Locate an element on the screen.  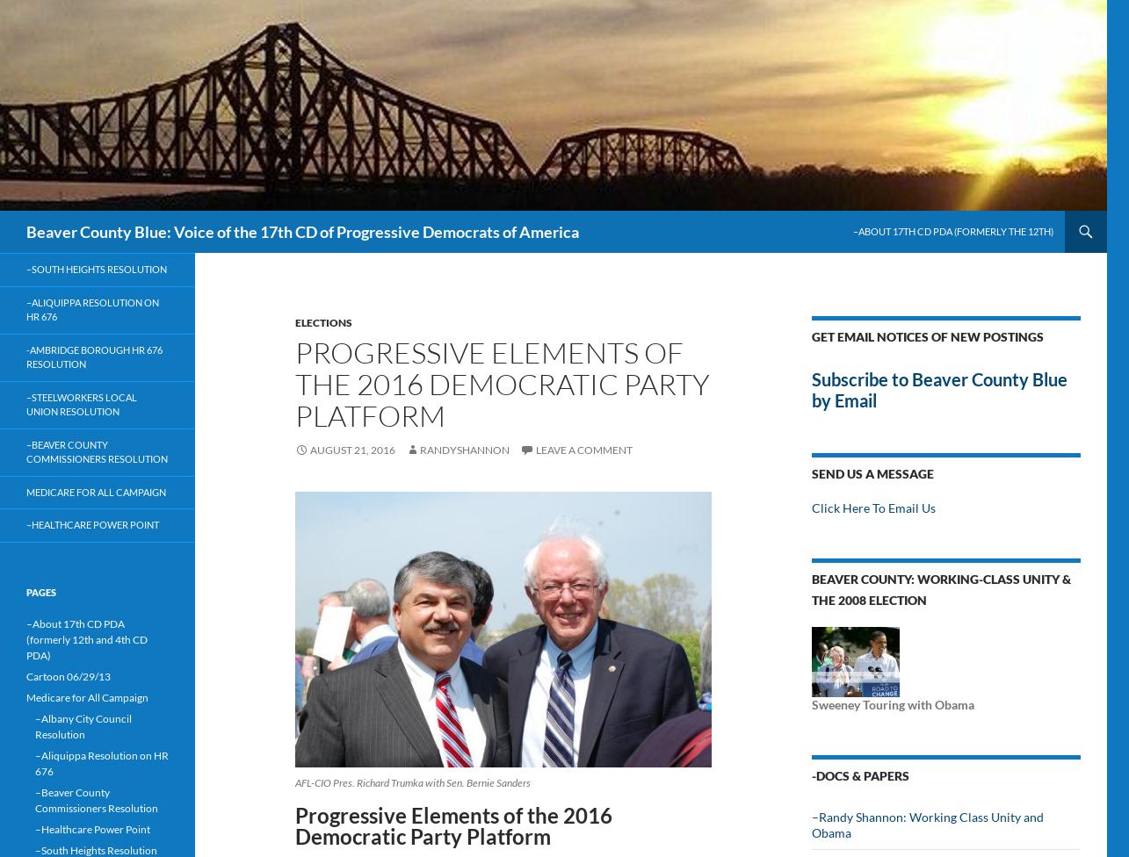
'elections' is located at coordinates (322, 321).